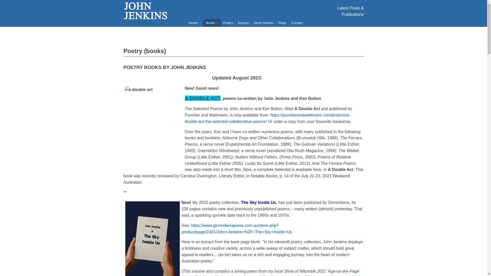 The image size is (491, 276). Describe the element at coordinates (251, 22) in the screenshot. I see `'Short Stories'` at that location.